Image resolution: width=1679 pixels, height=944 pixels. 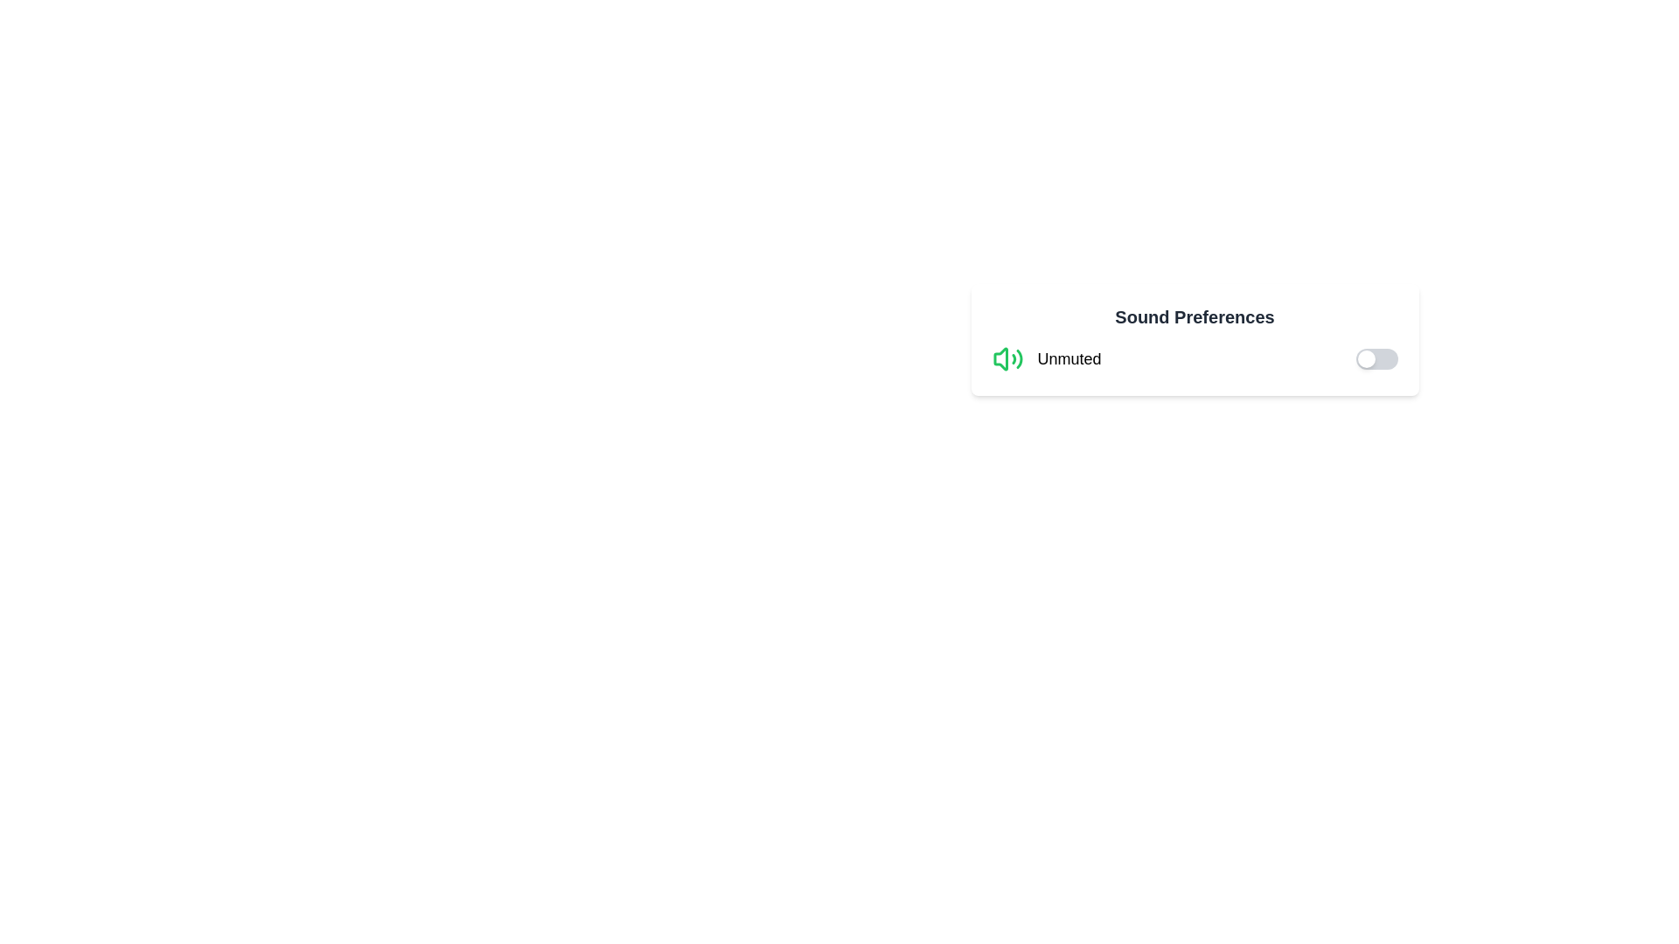 I want to click on the volume icon with the text label 'Unmuted', which is green and indicates an active state, so click(x=1046, y=358).